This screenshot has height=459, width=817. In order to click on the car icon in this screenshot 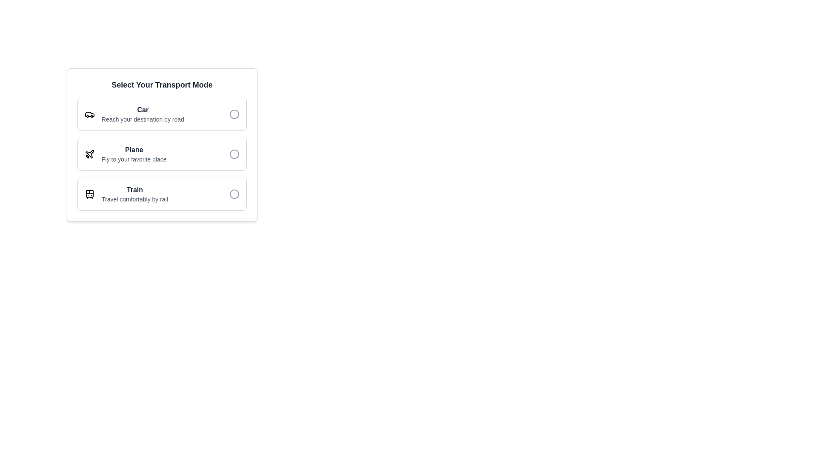, I will do `click(90, 114)`.